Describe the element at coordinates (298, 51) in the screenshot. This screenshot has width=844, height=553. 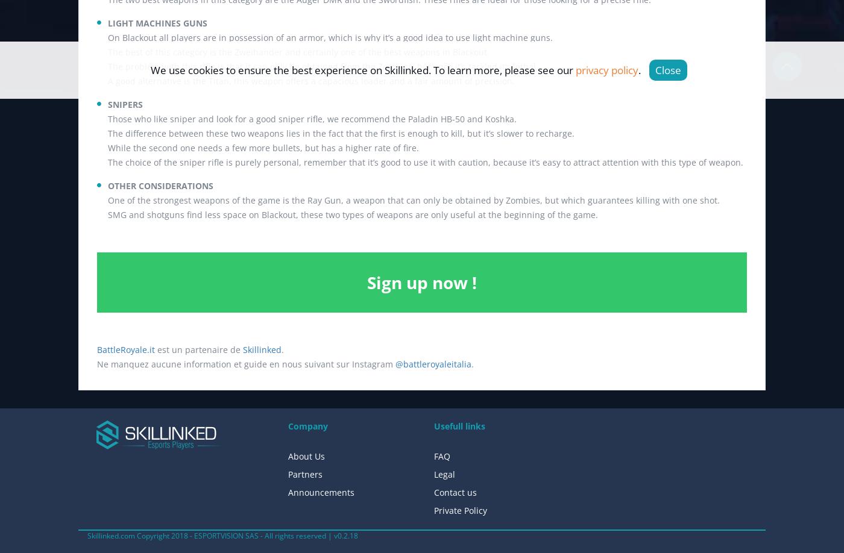
I see `'The best of this category is the Zweihander and certainly one of the best weapons in Blackout.'` at that location.